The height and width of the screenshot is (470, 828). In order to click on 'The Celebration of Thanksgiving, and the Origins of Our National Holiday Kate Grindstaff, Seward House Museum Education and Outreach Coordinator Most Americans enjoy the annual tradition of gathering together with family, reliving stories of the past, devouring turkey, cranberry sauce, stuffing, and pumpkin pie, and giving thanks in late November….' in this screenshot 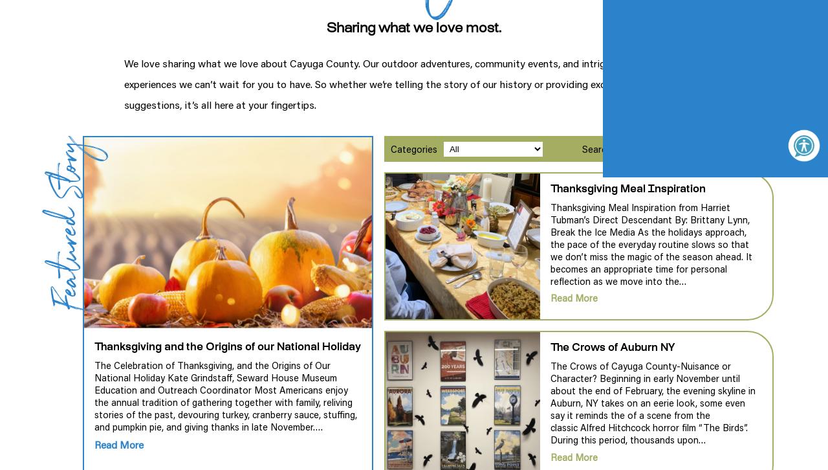, I will do `click(226, 396)`.